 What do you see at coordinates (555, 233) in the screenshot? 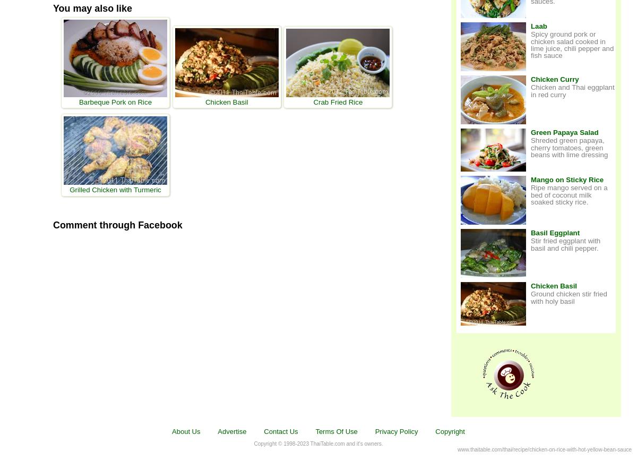
I see `'Basil Eggplant'` at bounding box center [555, 233].